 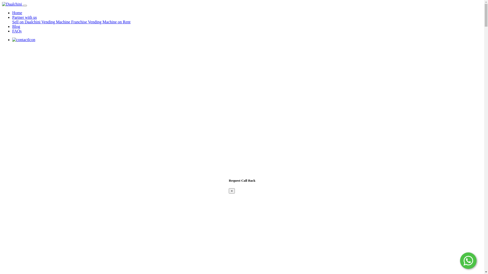 What do you see at coordinates (17, 31) in the screenshot?
I see `'FAQs'` at bounding box center [17, 31].